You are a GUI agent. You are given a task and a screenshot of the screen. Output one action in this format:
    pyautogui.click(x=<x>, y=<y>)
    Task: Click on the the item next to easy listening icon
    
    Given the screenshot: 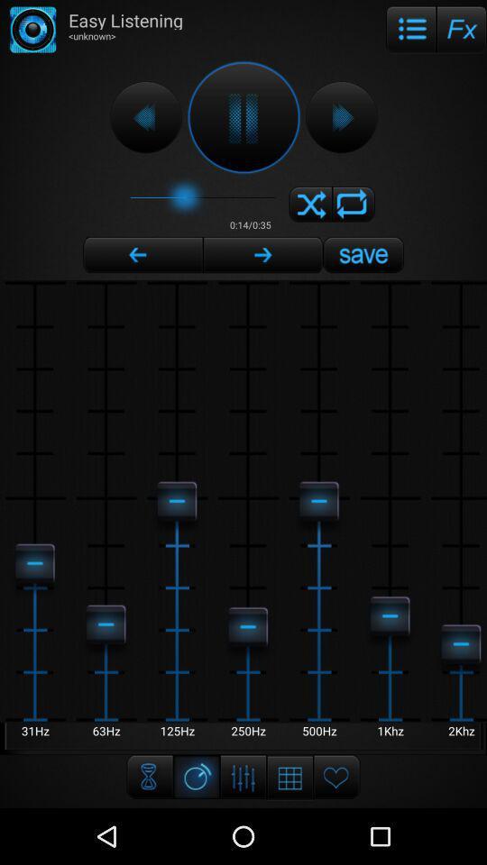 What is the action you would take?
    pyautogui.click(x=411, y=29)
    